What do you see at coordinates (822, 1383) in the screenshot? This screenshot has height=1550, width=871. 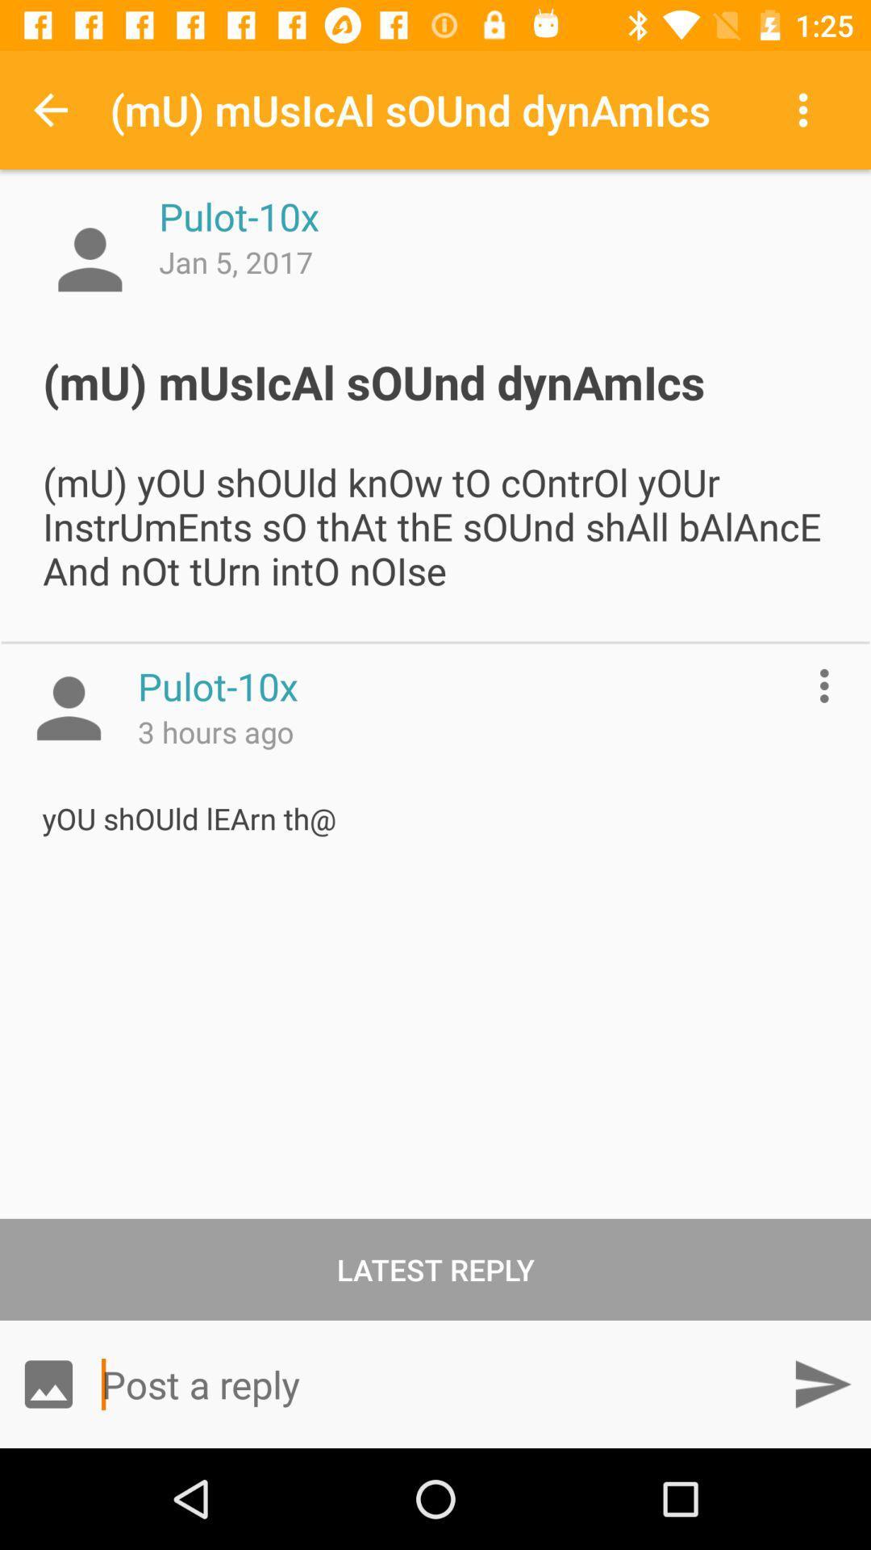 I see `send reply` at bounding box center [822, 1383].